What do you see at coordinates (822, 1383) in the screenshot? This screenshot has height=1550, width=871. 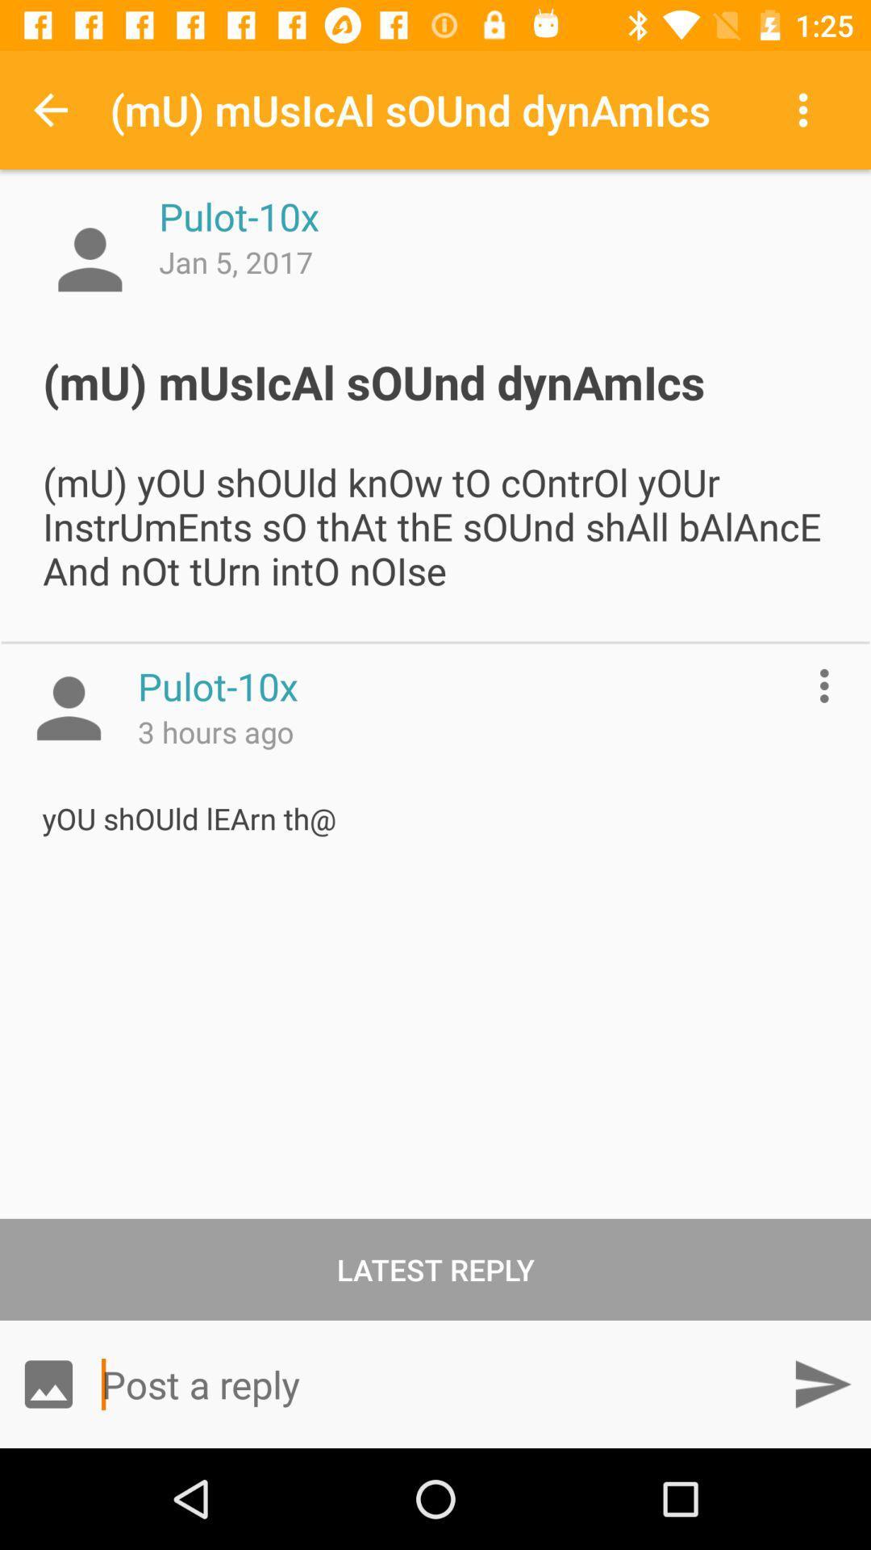 I see `send reply` at bounding box center [822, 1383].